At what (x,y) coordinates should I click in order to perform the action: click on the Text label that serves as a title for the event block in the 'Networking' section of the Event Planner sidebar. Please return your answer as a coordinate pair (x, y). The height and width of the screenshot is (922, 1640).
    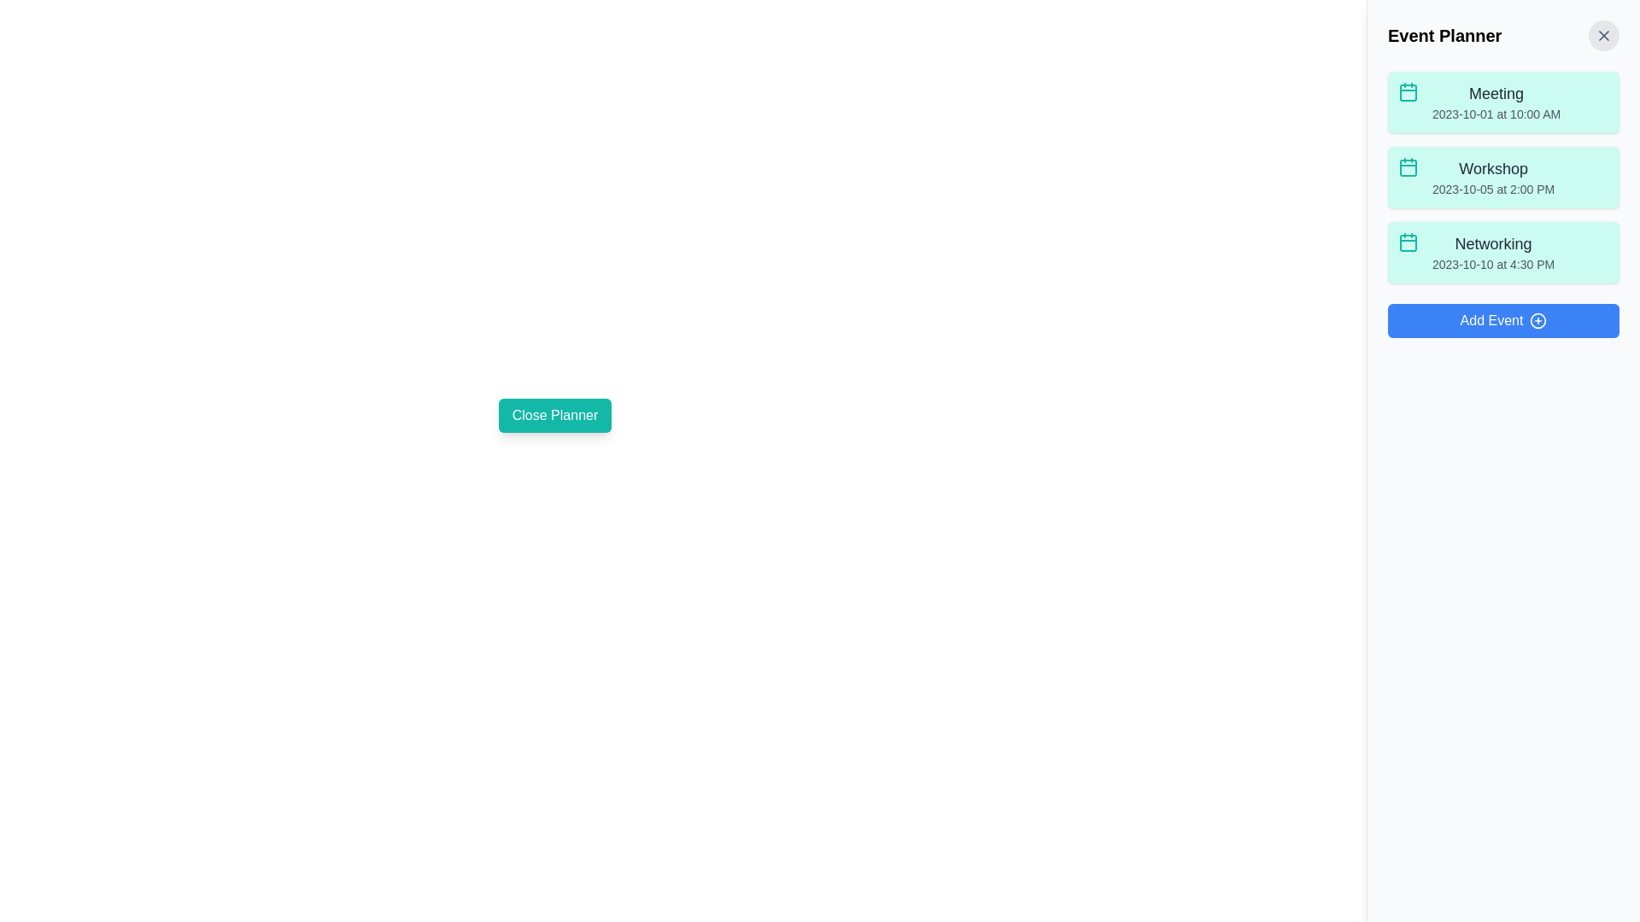
    Looking at the image, I should click on (1492, 243).